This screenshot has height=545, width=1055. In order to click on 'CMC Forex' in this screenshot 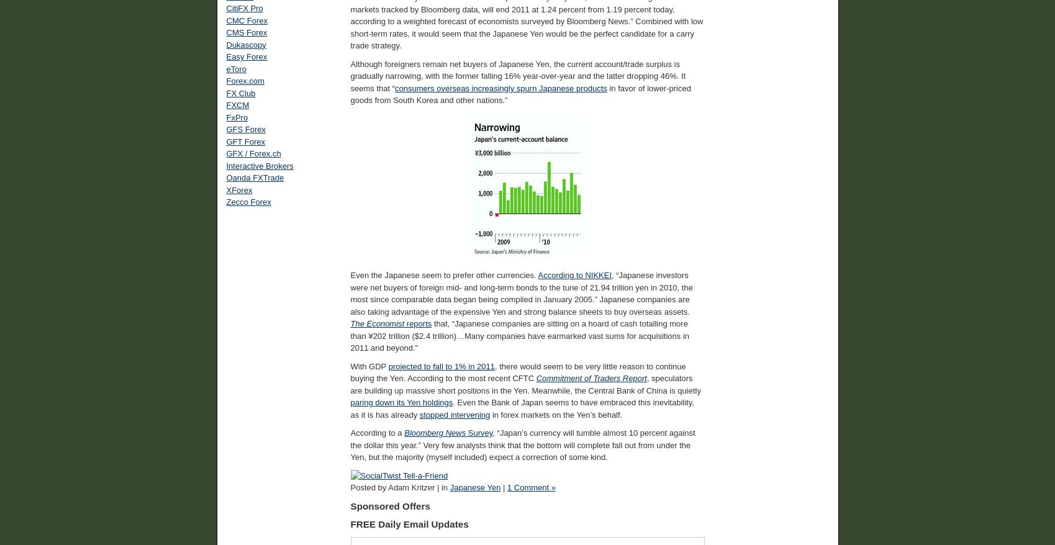, I will do `click(247, 19)`.